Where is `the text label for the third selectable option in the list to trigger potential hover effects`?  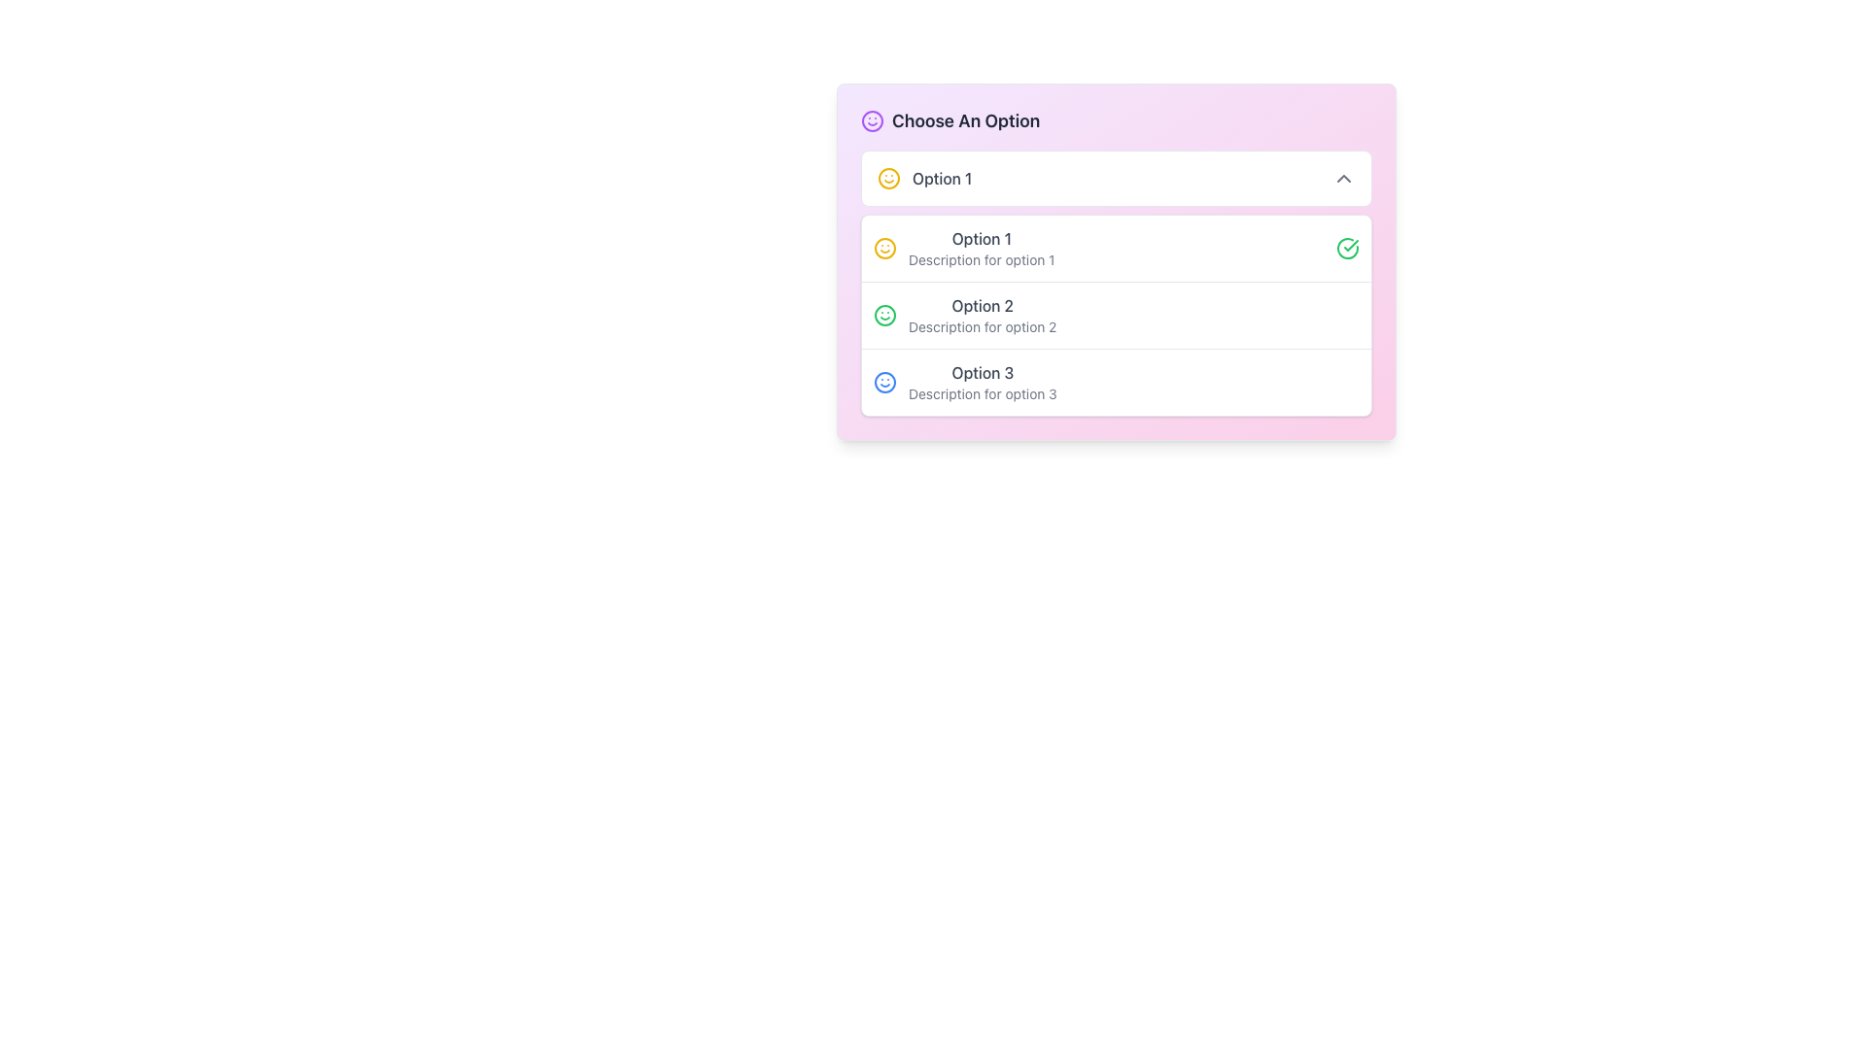 the text label for the third selectable option in the list to trigger potential hover effects is located at coordinates (983, 373).